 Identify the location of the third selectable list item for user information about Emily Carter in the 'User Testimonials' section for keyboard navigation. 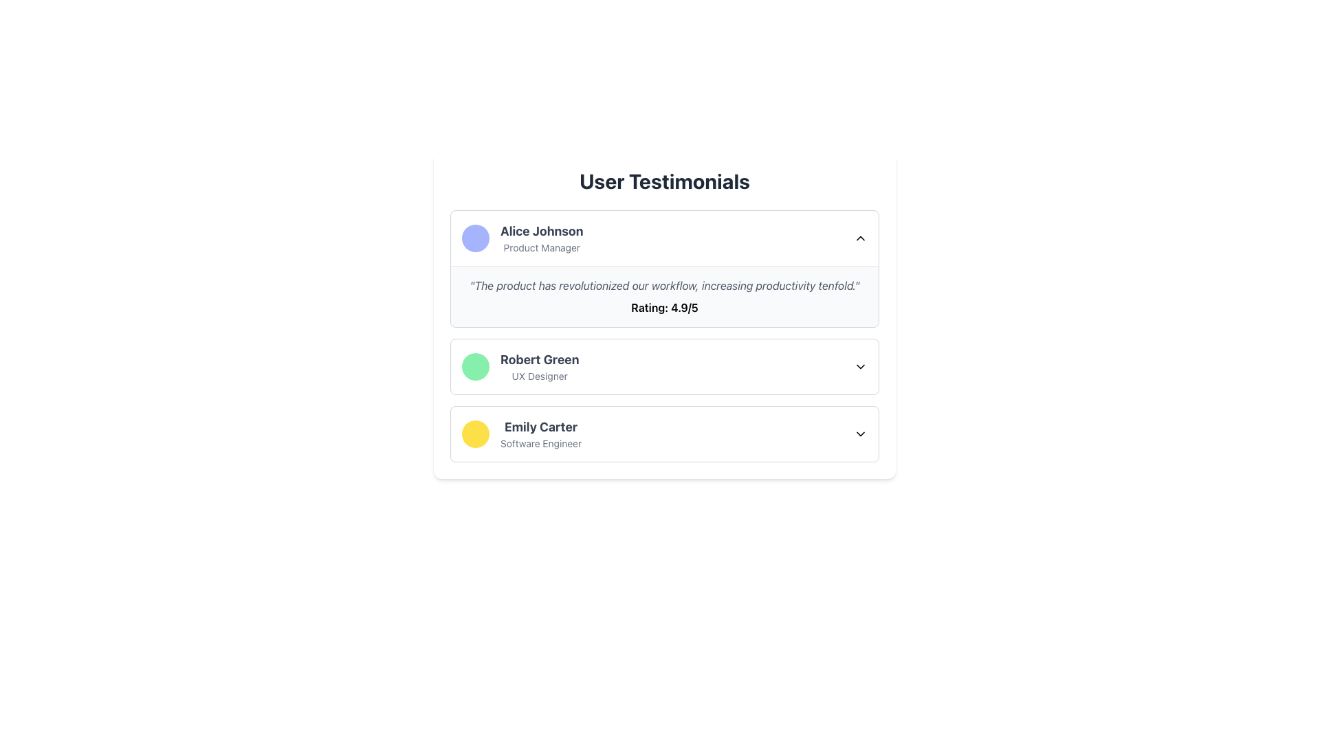
(664, 434).